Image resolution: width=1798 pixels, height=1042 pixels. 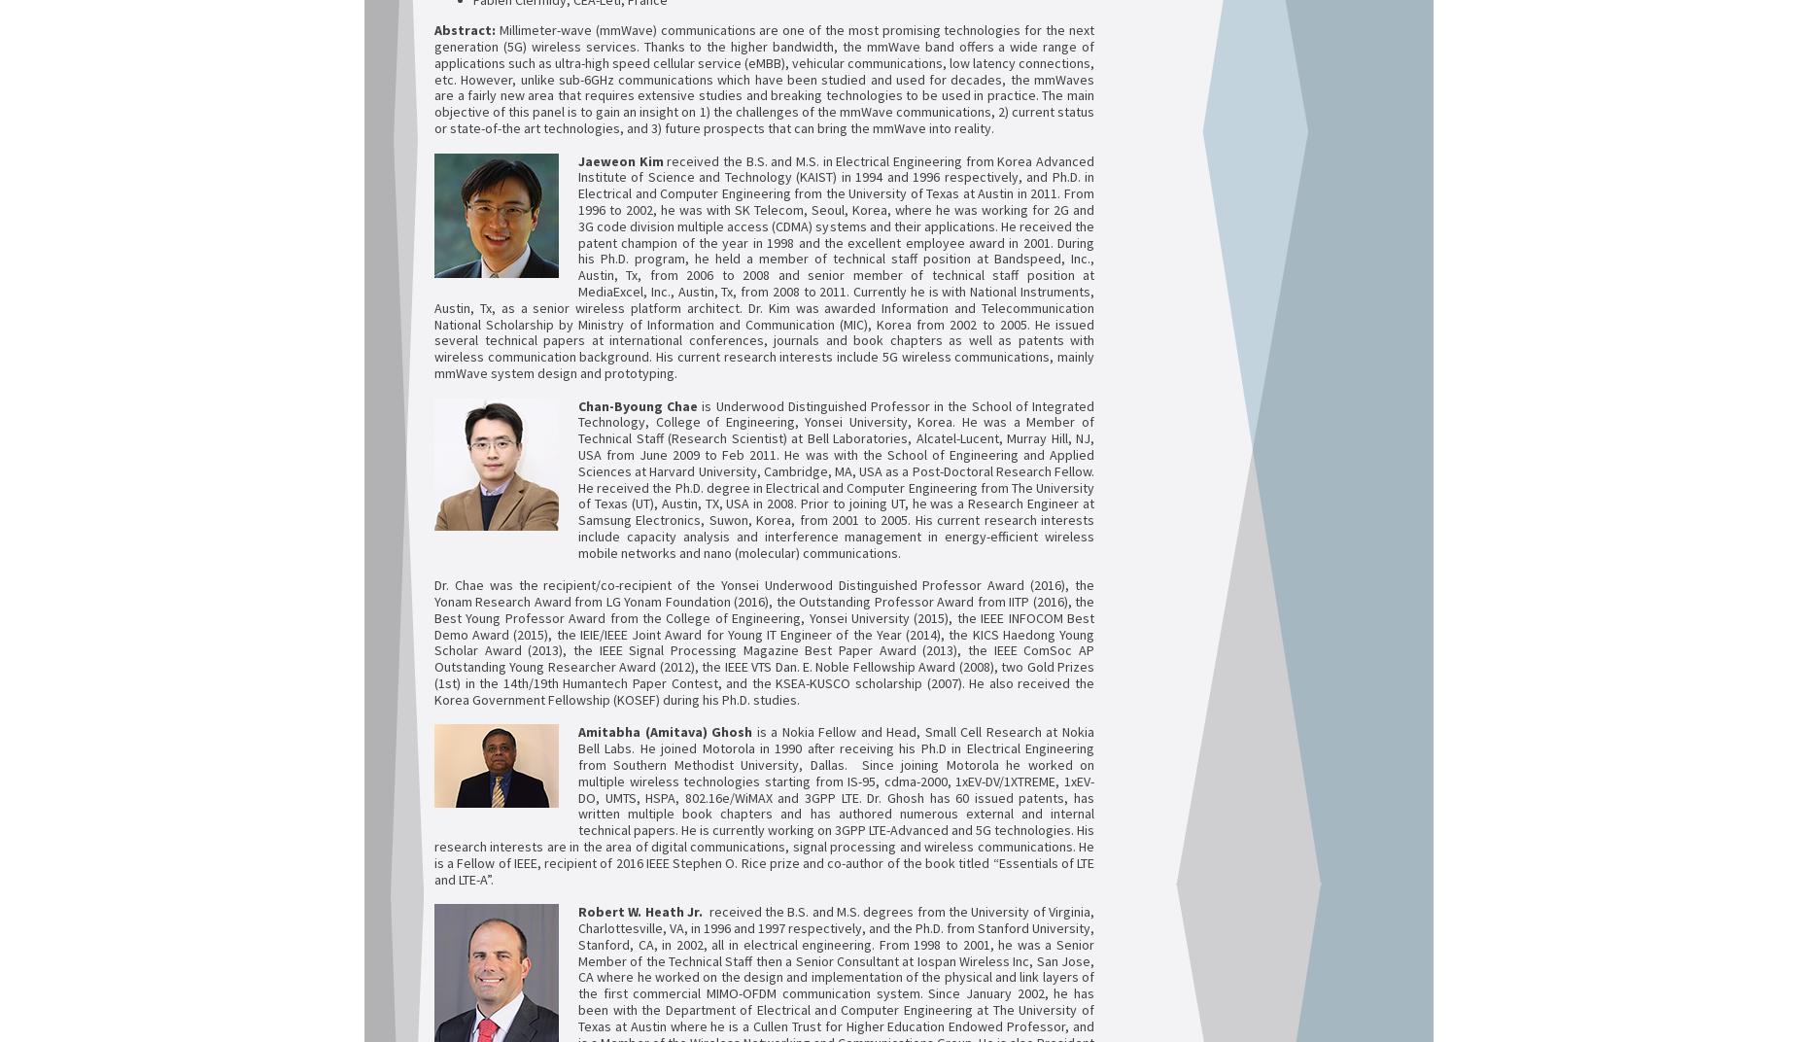 I want to click on 'Abstract:', so click(x=465, y=28).